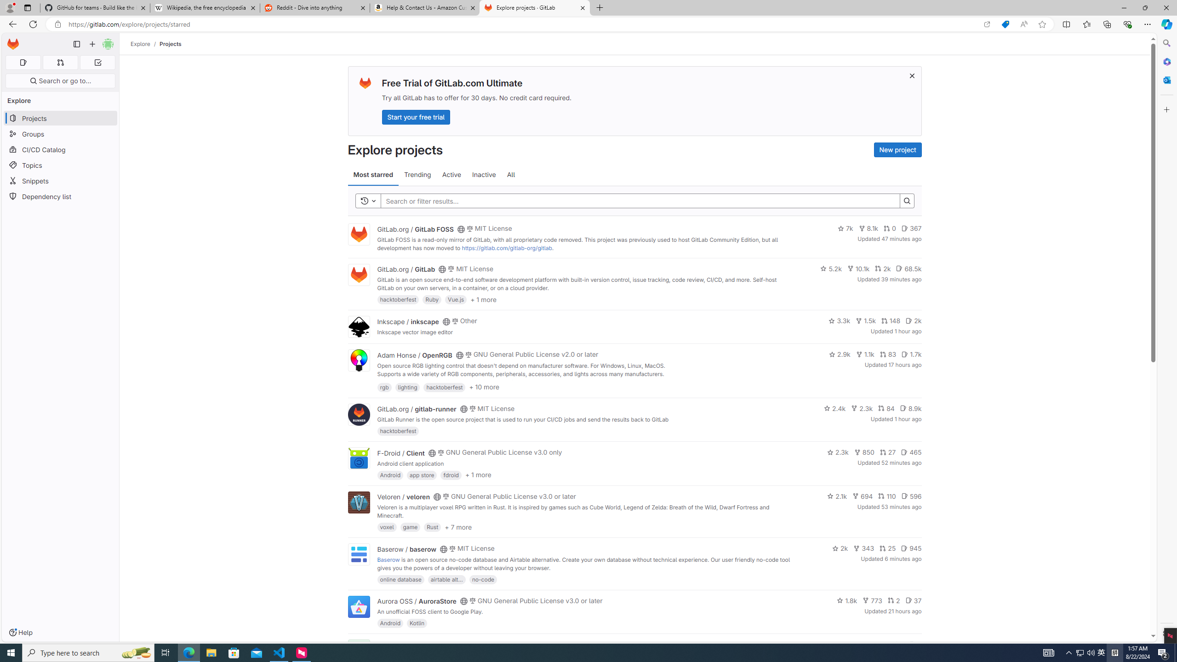 This screenshot has width=1177, height=662. Describe the element at coordinates (910, 407) in the screenshot. I see `'8.9k'` at that location.